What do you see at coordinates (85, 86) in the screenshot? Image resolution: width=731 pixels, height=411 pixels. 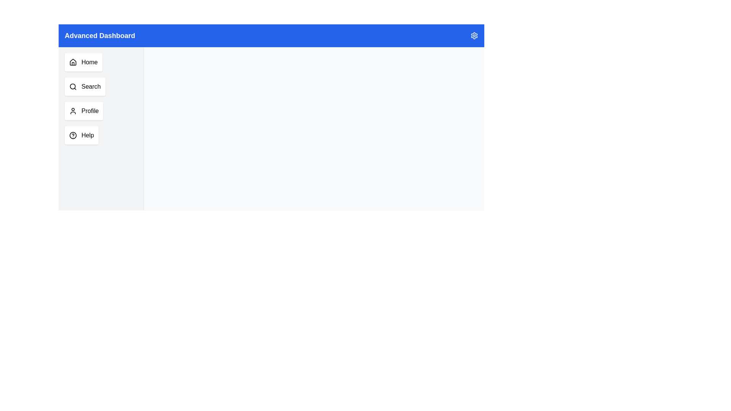 I see `the 'Search' button, which is a rectangular button with a white background and a magnifying glass icon, located below the 'Home' button in the vertical navigation menu` at bounding box center [85, 86].